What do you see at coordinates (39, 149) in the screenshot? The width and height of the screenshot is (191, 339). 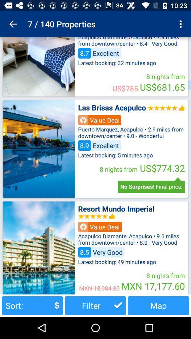 I see `hotel thumbnail` at bounding box center [39, 149].